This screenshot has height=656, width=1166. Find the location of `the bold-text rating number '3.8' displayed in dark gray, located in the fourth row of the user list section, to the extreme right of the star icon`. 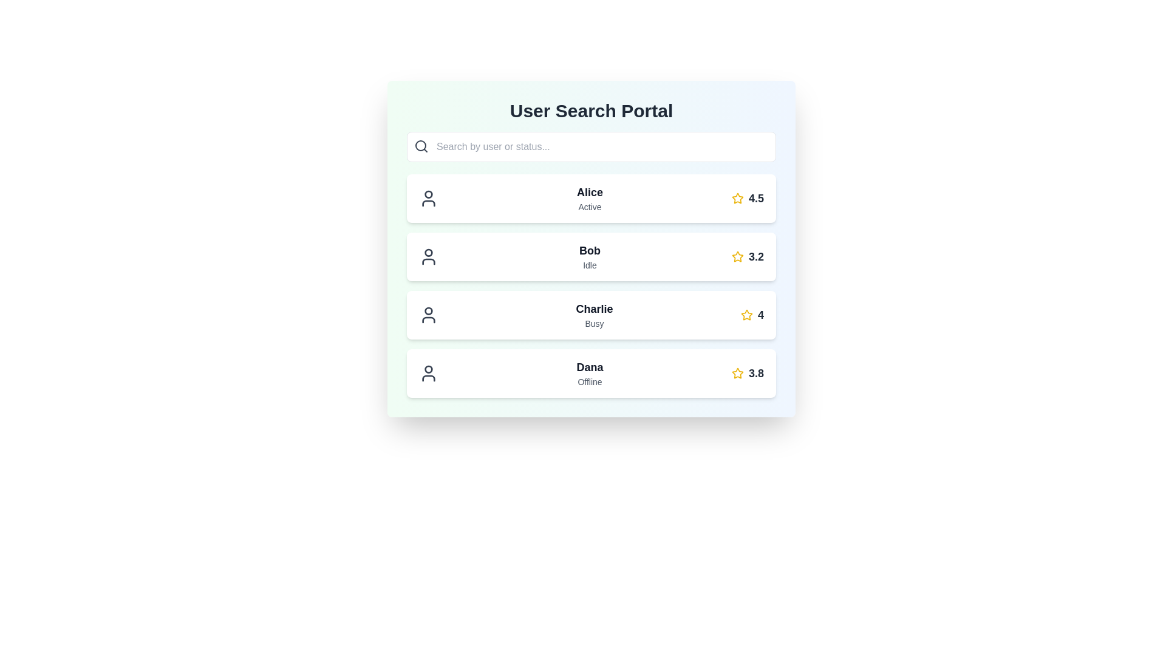

the bold-text rating number '3.8' displayed in dark gray, located in the fourth row of the user list section, to the extreme right of the star icon is located at coordinates (755, 372).